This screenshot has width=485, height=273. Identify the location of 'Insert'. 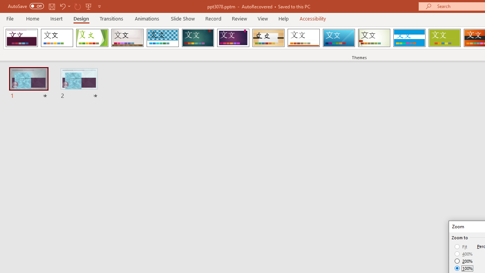
(56, 18).